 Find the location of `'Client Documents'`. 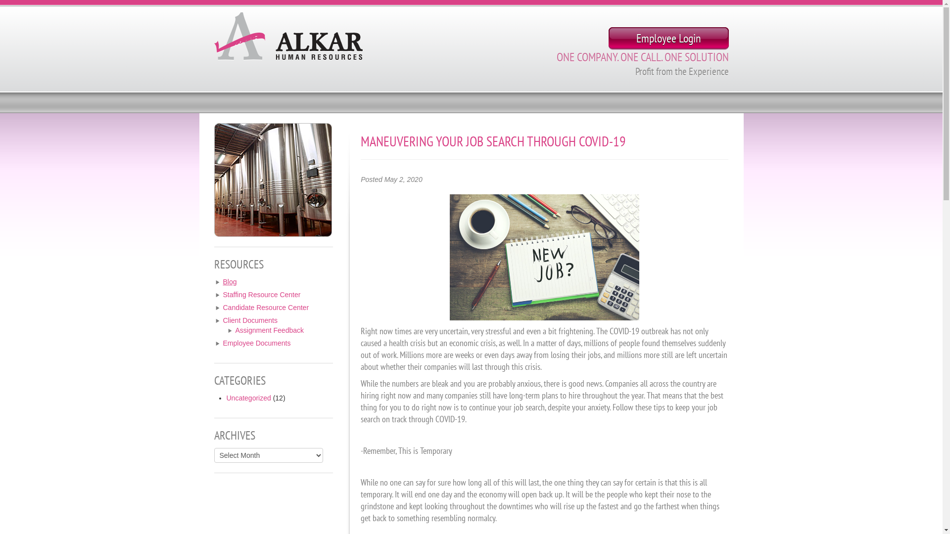

'Client Documents' is located at coordinates (250, 320).